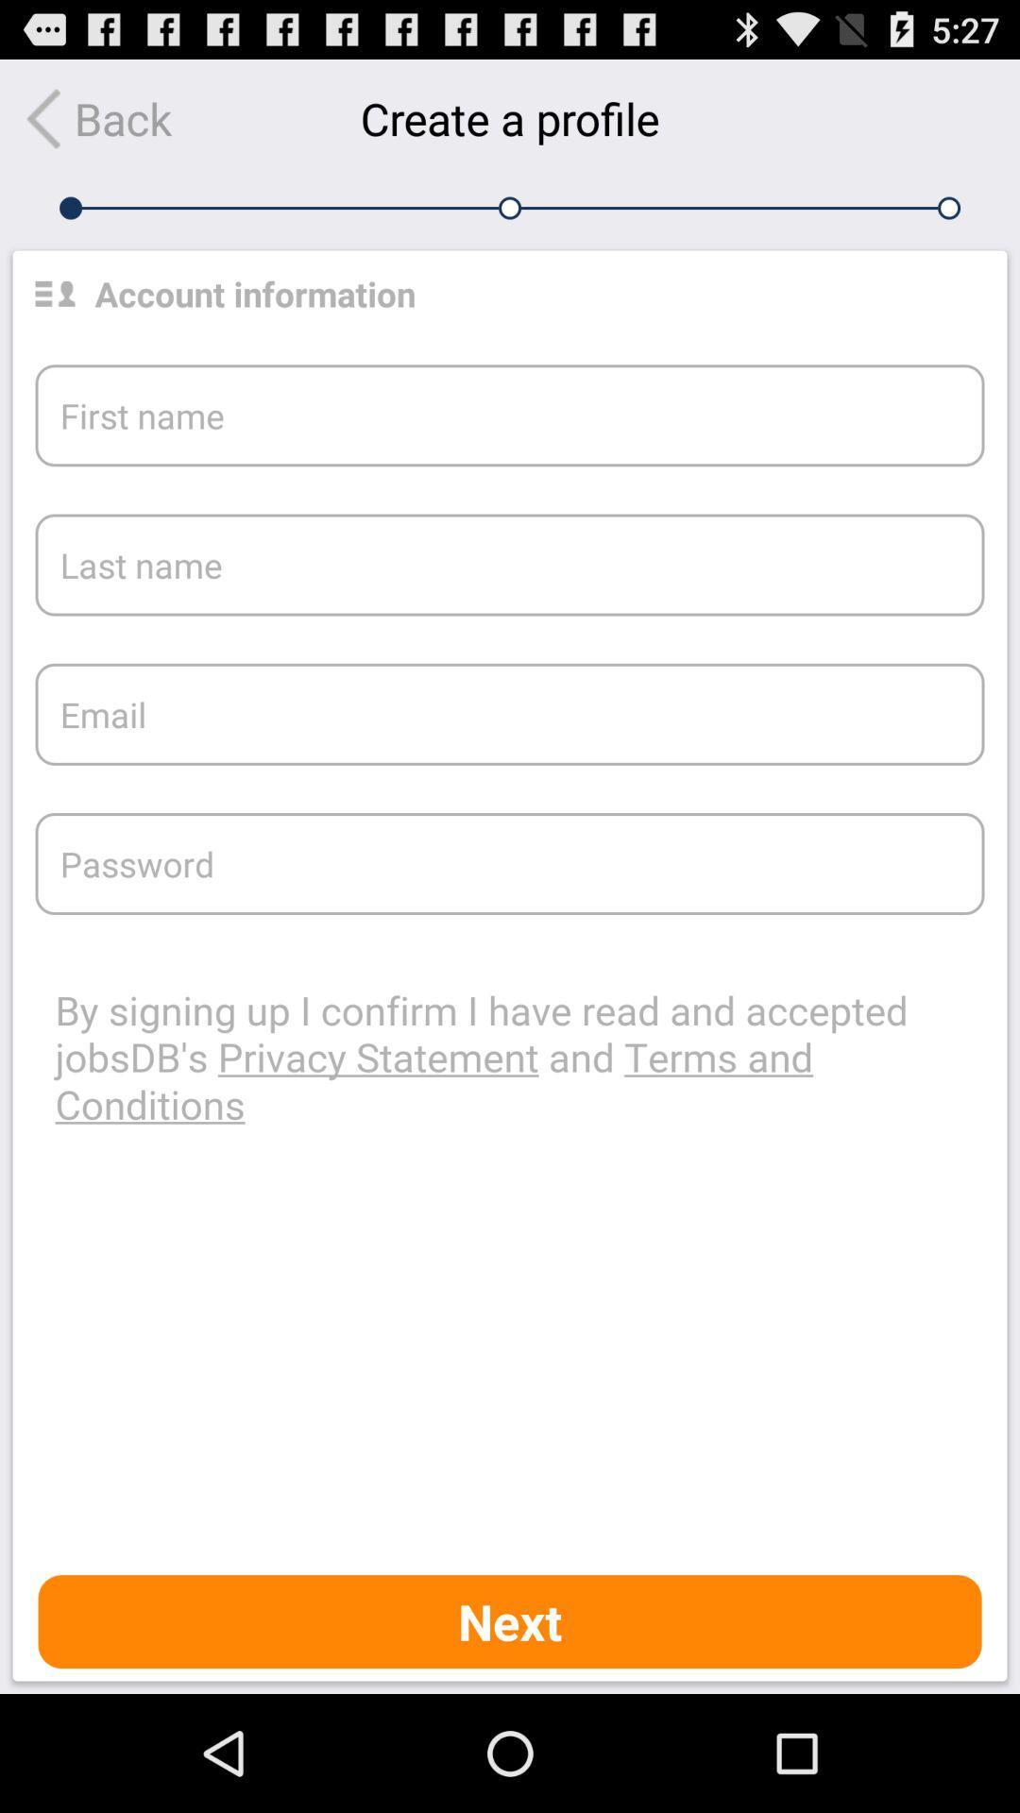  I want to click on icon in the first row, so click(54, 293).